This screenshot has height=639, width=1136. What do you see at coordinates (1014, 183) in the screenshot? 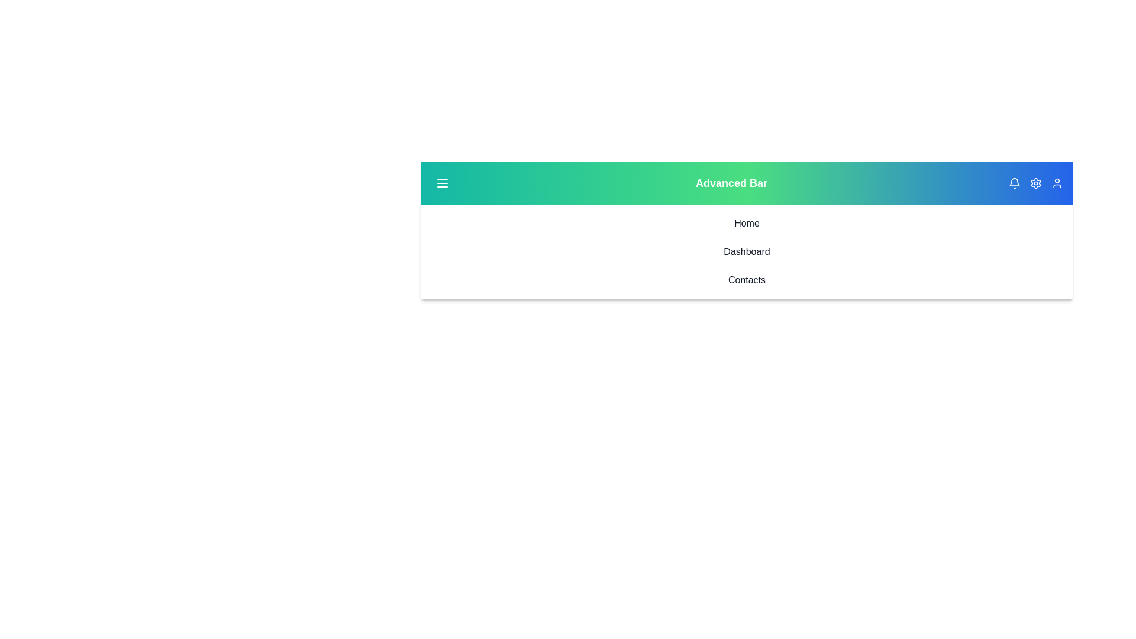
I see `the bell icon to access the notification panel` at bounding box center [1014, 183].